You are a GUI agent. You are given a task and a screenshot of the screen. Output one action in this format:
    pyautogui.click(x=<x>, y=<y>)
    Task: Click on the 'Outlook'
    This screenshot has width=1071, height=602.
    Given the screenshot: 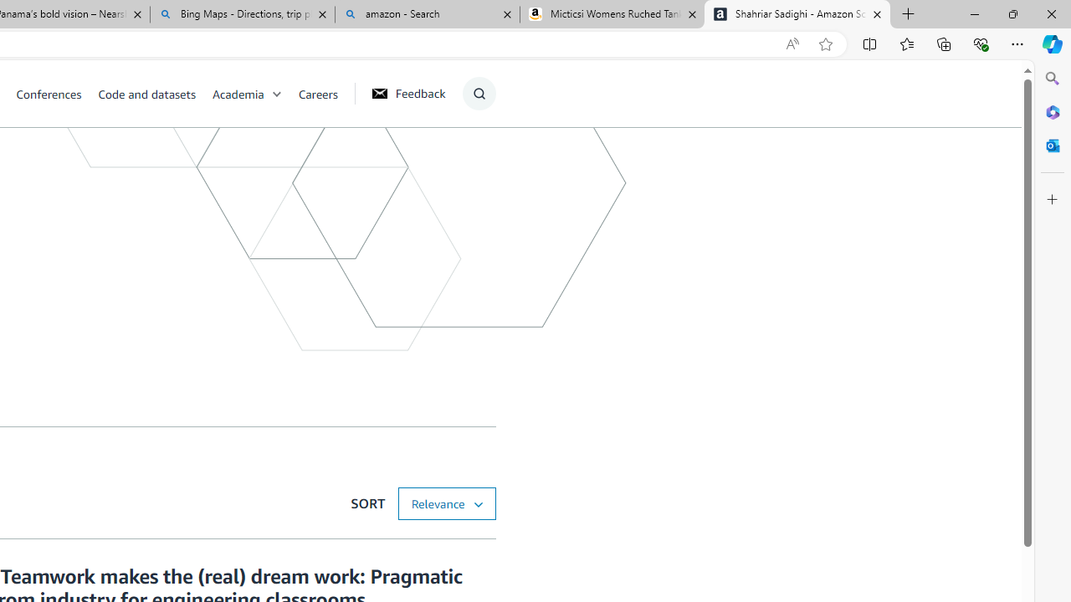 What is the action you would take?
    pyautogui.click(x=1052, y=145)
    